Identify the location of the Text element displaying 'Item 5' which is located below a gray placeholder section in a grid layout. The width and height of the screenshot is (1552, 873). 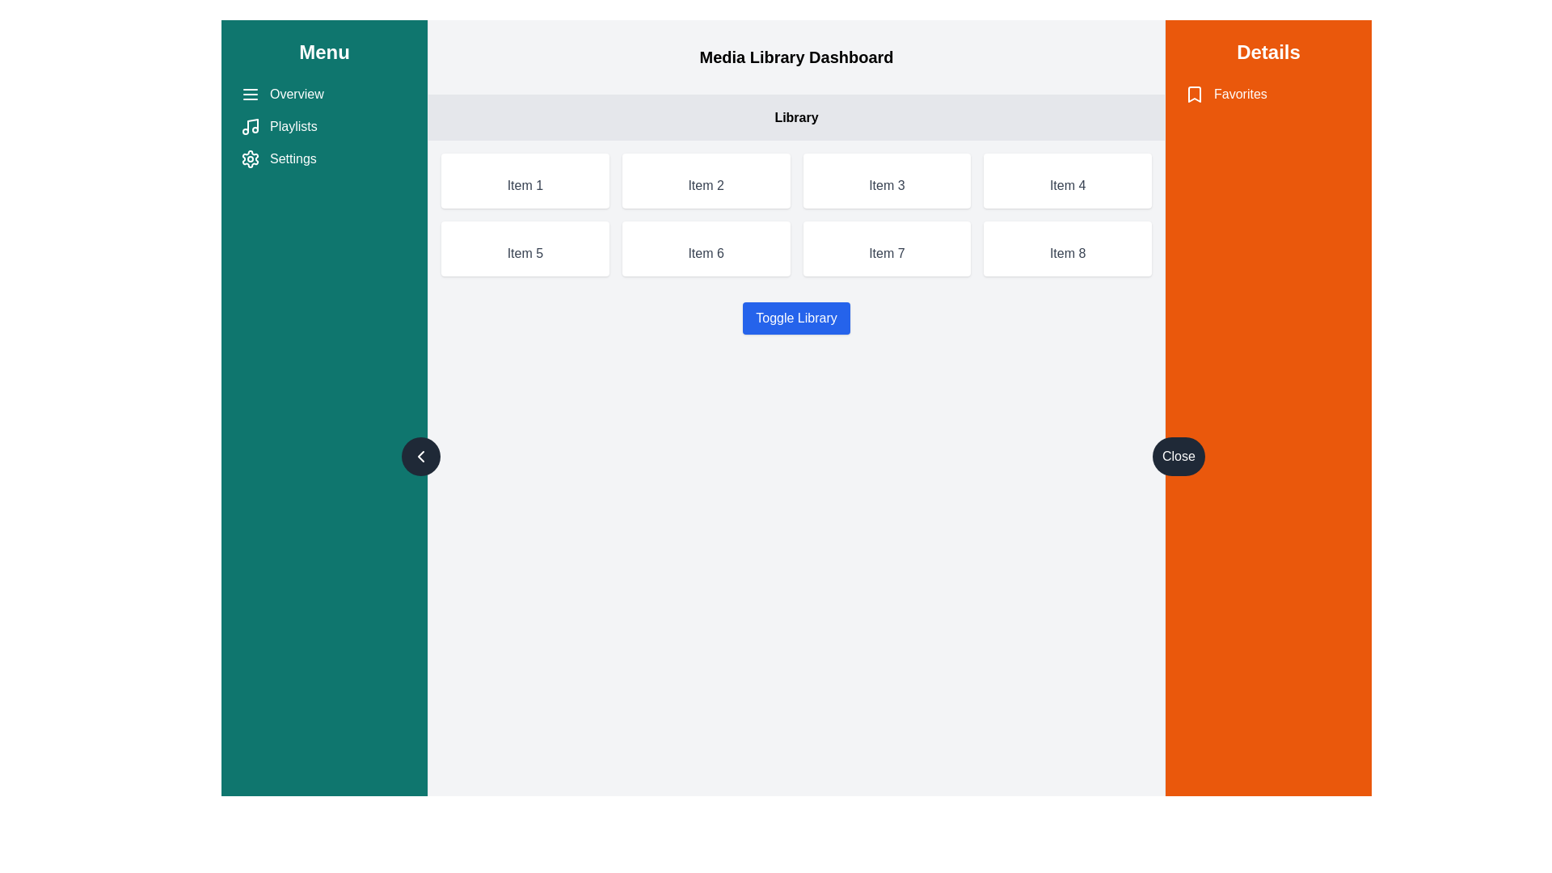
(525, 253).